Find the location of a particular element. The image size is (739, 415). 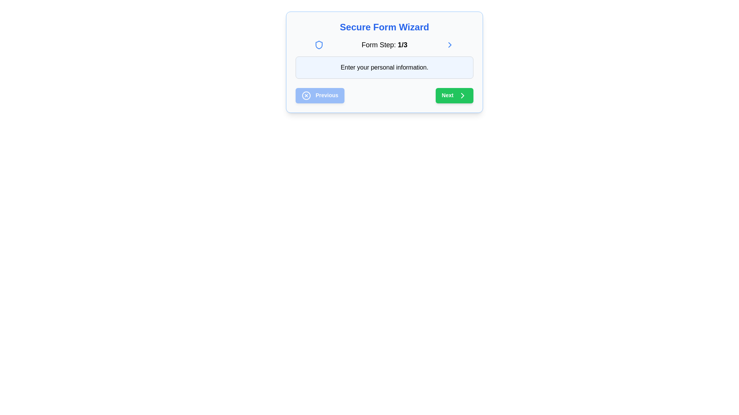

the 'Next' button located at the bottom right of the 'Secure Form Wizard' card, which contains a right-pointing chevron SVG icon is located at coordinates (462, 95).